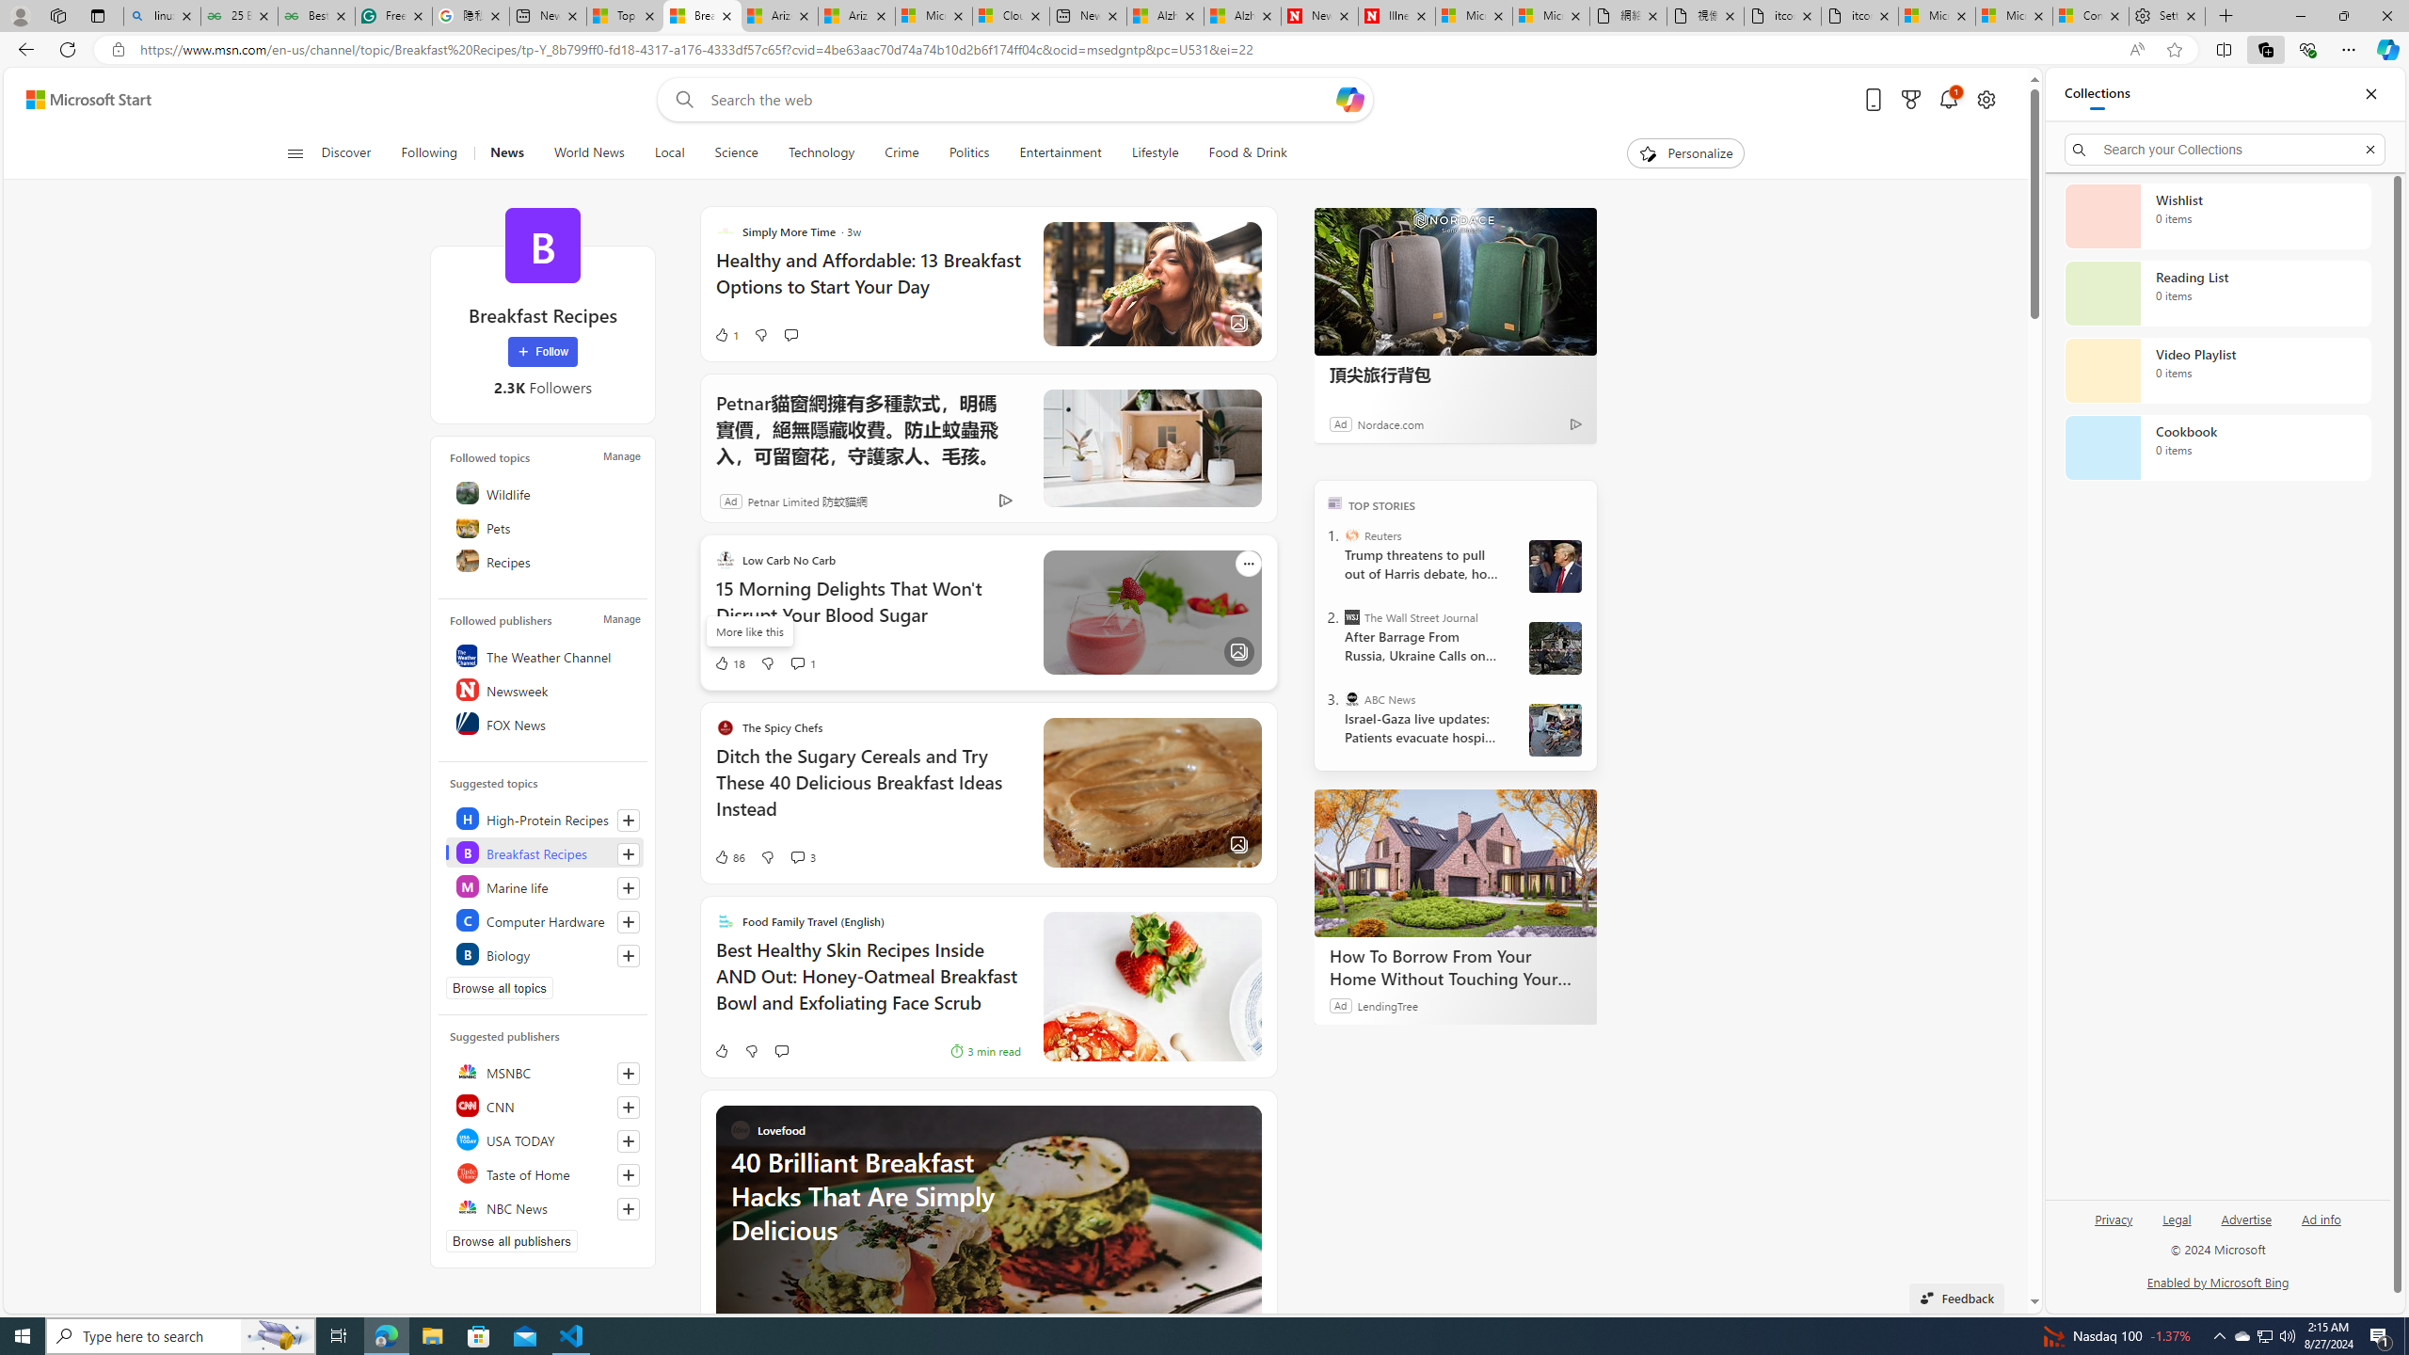  I want to click on 'Advertise', so click(2247, 1225).